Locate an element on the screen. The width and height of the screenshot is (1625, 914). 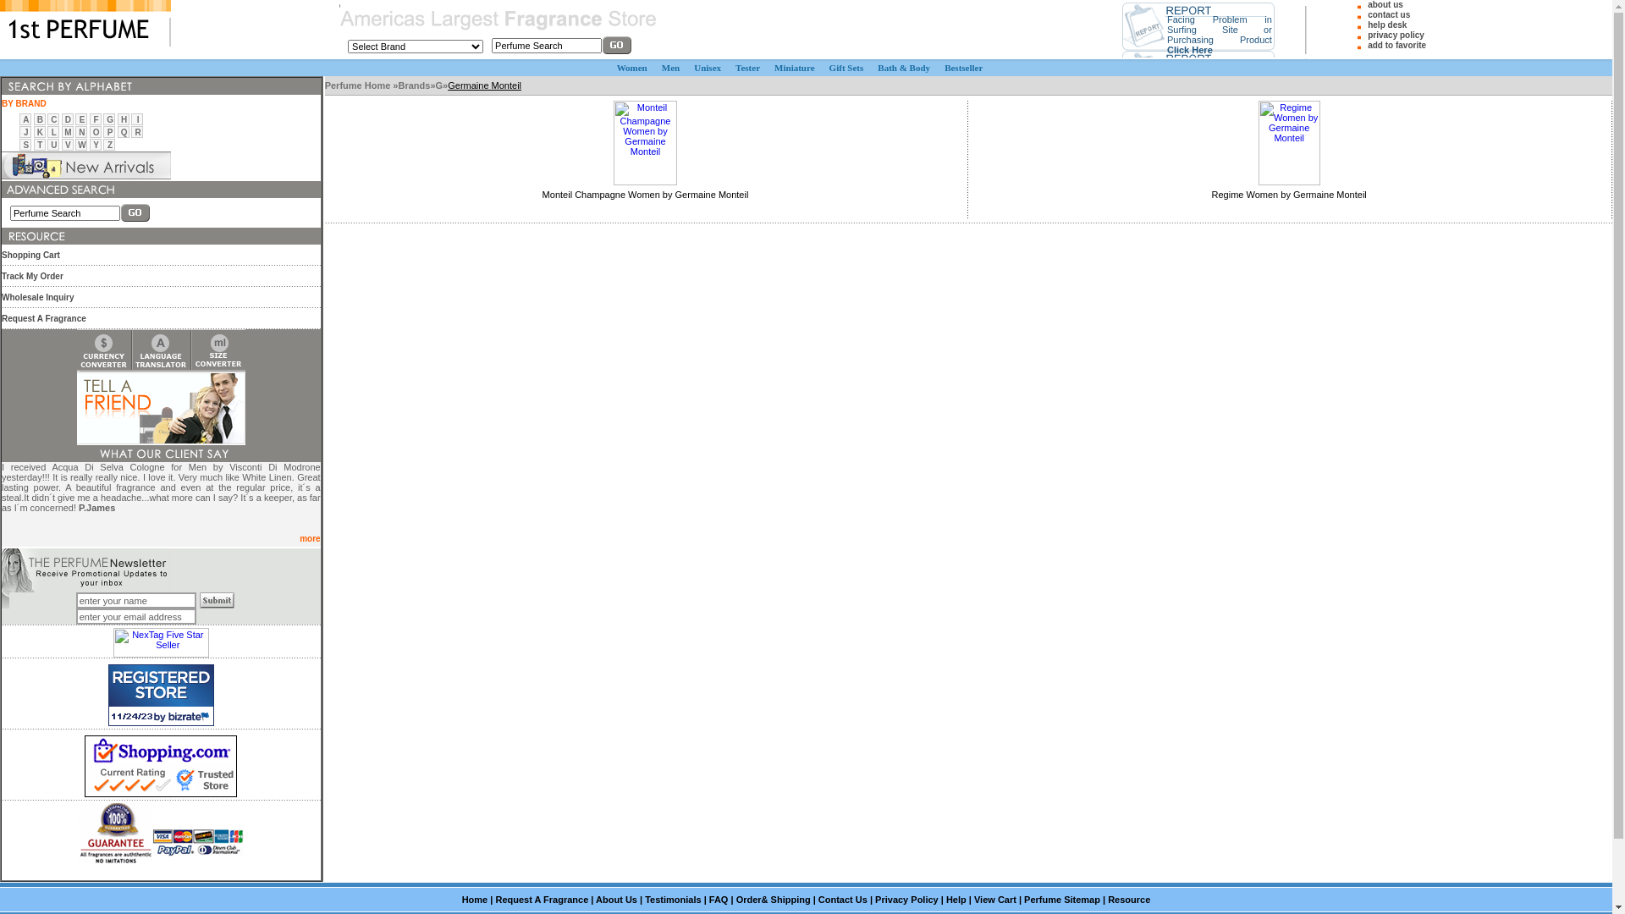
'Gift Sets' is located at coordinates (846, 67).